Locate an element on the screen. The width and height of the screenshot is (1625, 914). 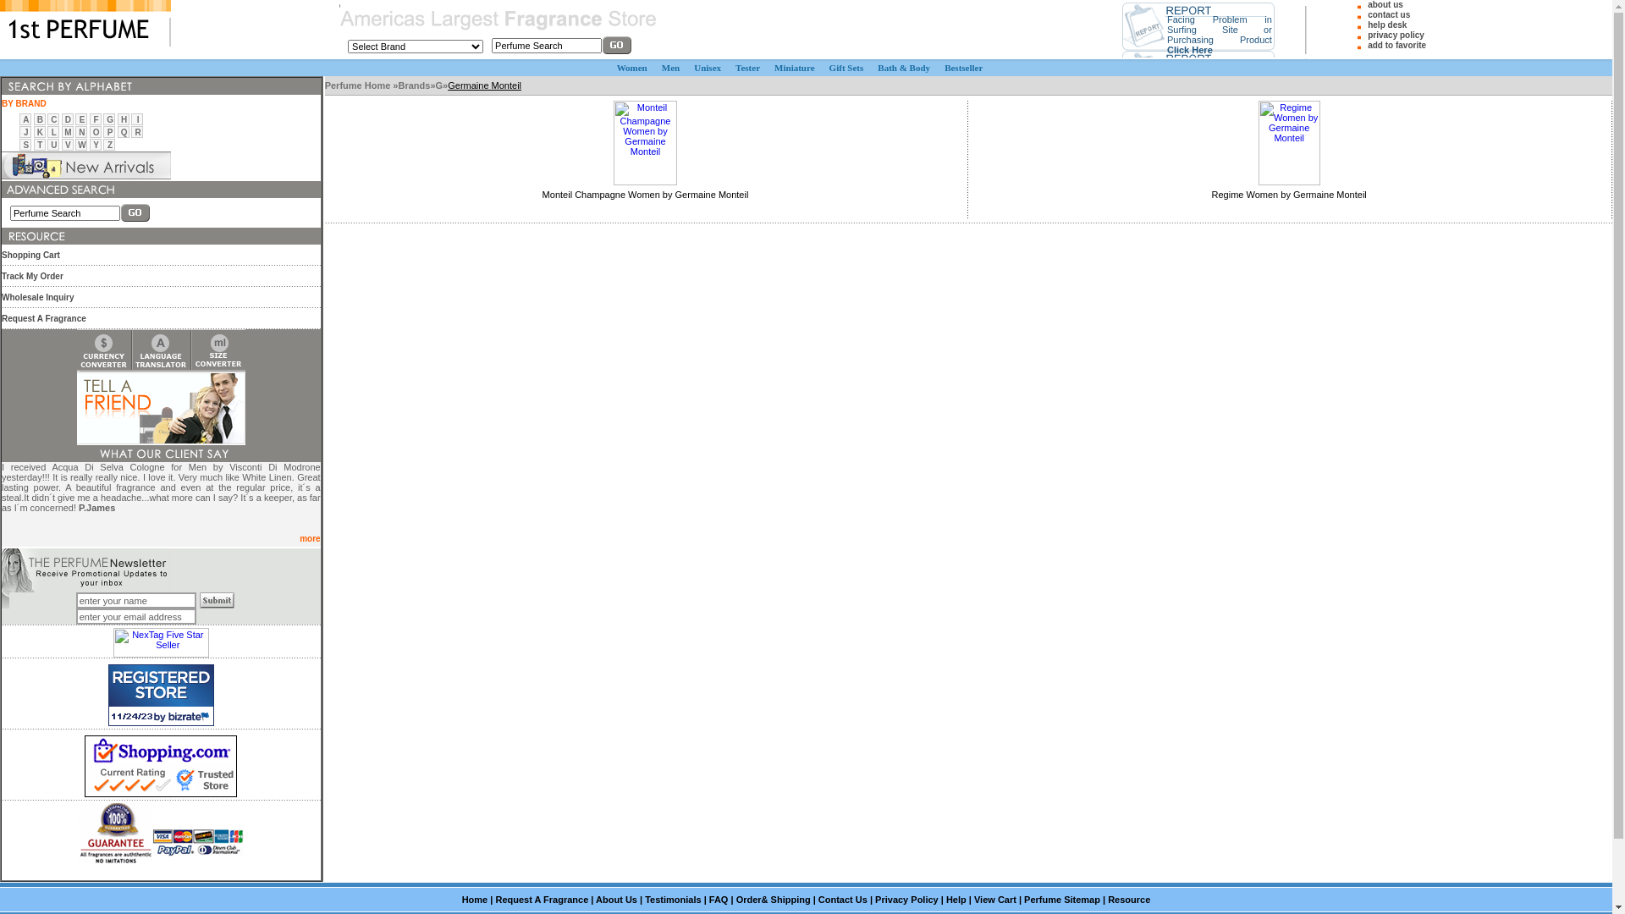
'Gift Sets' is located at coordinates (846, 67).